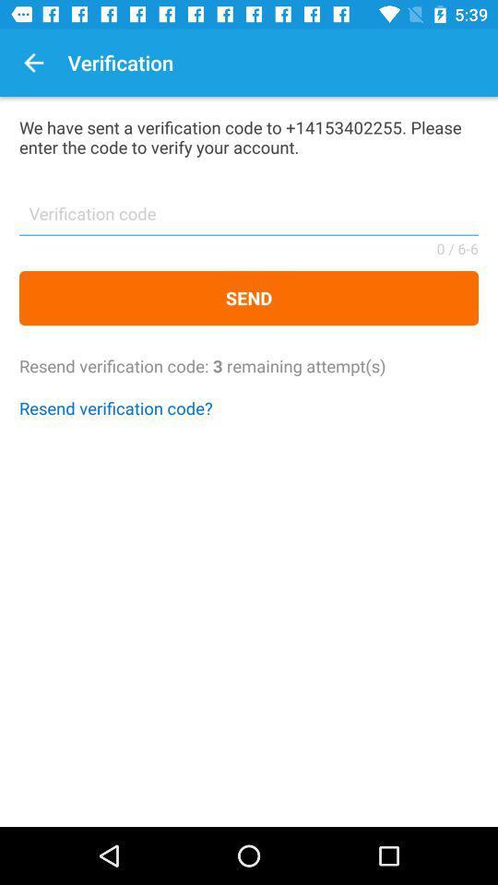 Image resolution: width=498 pixels, height=885 pixels. I want to click on go back, so click(33, 63).